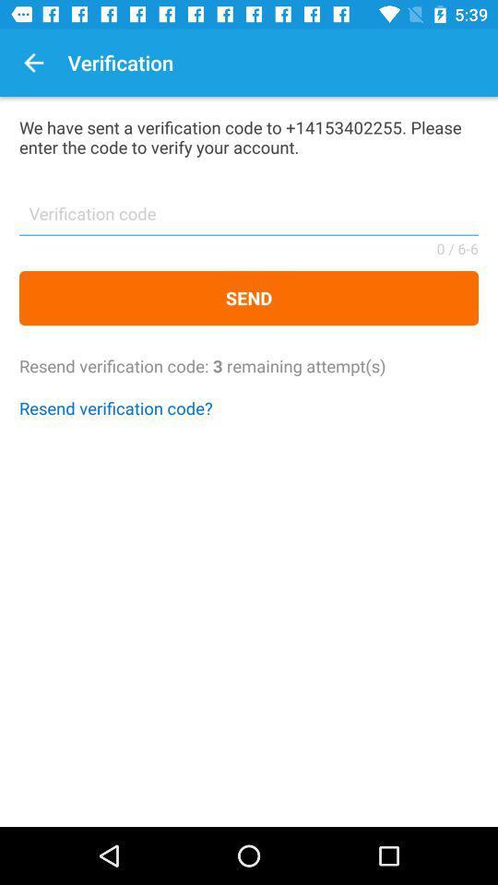 Image resolution: width=498 pixels, height=885 pixels. I want to click on go back, so click(33, 63).